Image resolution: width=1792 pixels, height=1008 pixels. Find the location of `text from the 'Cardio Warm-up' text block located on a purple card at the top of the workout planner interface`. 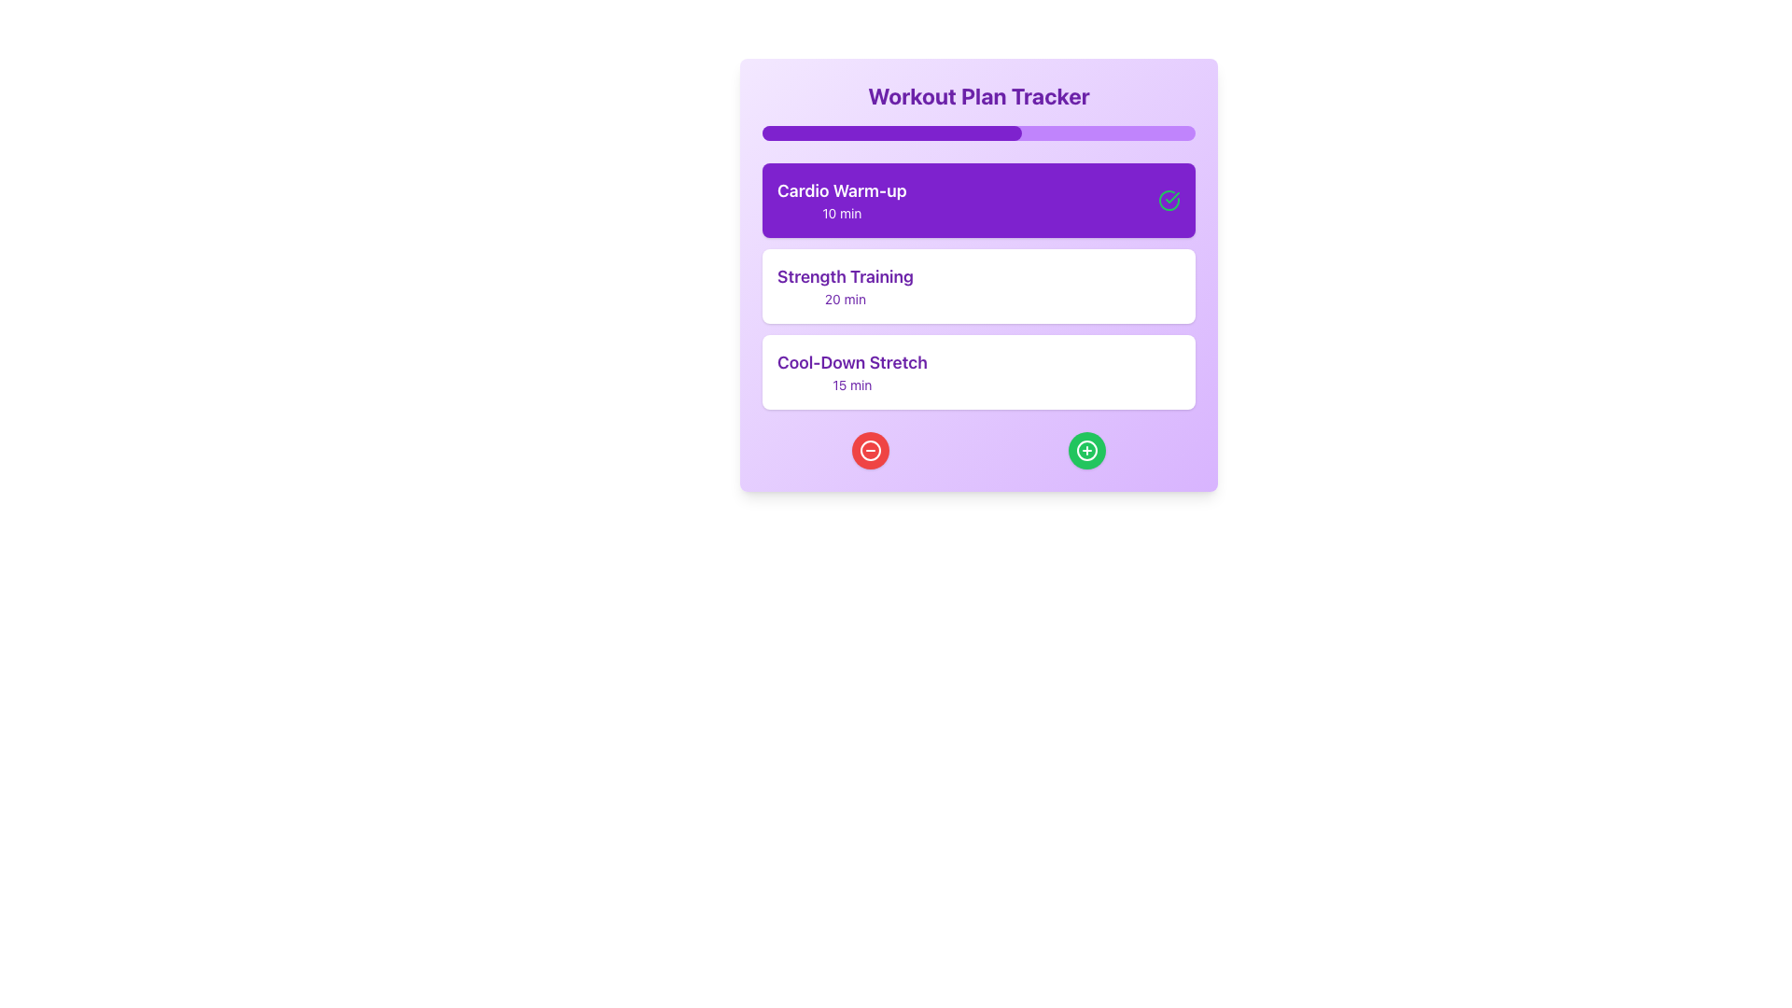

text from the 'Cardio Warm-up' text block located on a purple card at the top of the workout planner interface is located at coordinates (841, 201).